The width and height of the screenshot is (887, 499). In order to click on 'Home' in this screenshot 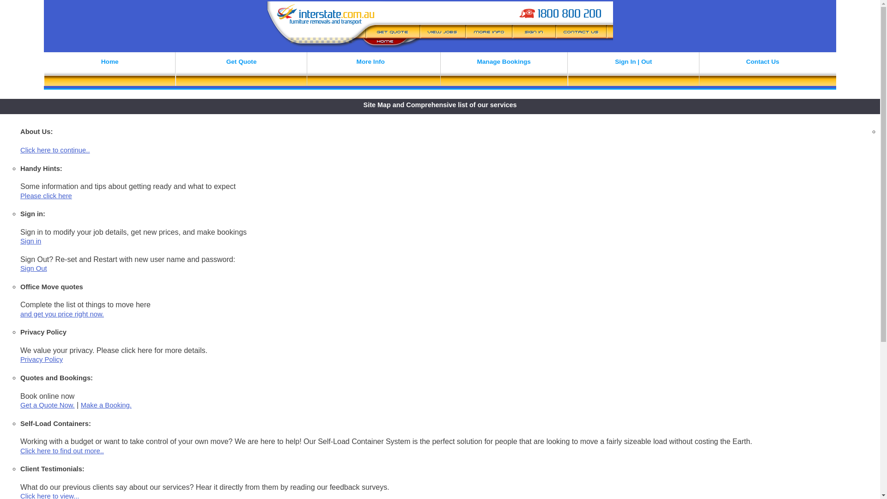, I will do `click(109, 70)`.